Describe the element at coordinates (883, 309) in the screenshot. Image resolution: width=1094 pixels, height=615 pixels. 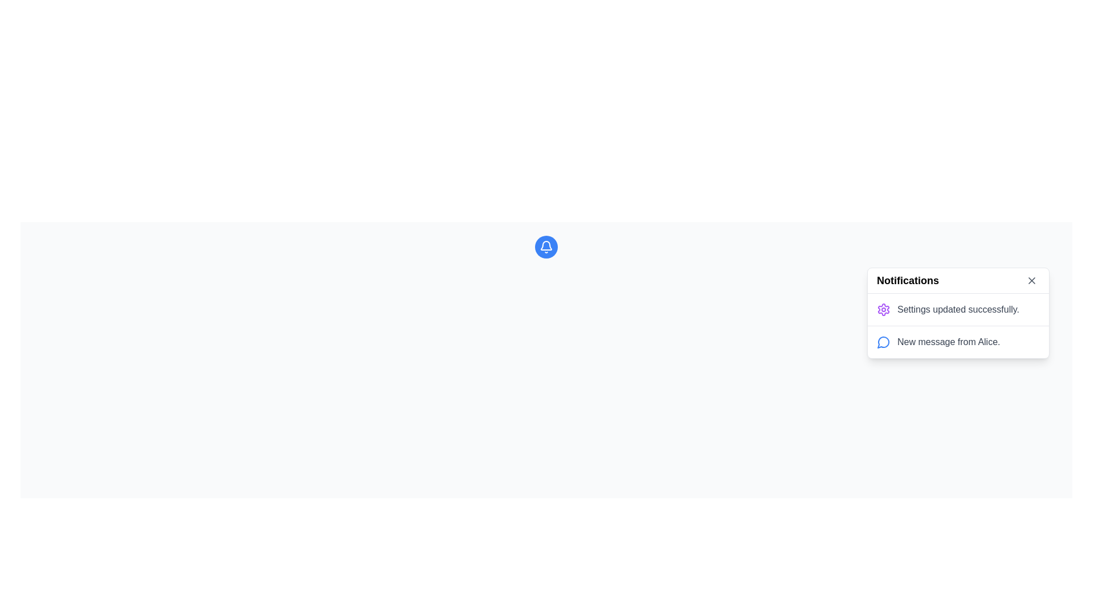
I see `the appearance of the settings icon located in the notification pop-up, positioned to the left of the text 'Settings updated successfully.'` at that location.